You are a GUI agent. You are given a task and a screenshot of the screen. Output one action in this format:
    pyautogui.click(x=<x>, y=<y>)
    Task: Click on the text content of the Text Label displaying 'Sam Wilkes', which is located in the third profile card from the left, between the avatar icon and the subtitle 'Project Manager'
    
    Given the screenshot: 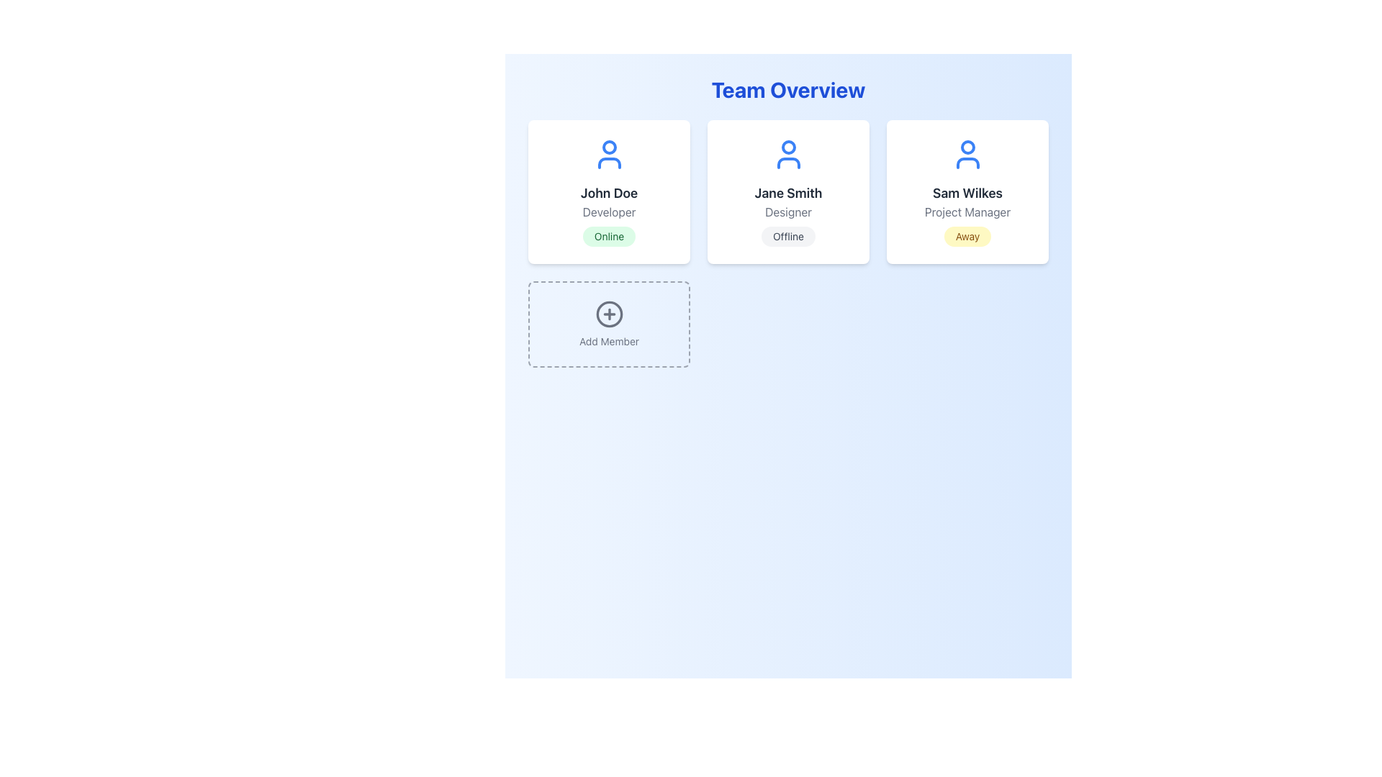 What is the action you would take?
    pyautogui.click(x=967, y=193)
    